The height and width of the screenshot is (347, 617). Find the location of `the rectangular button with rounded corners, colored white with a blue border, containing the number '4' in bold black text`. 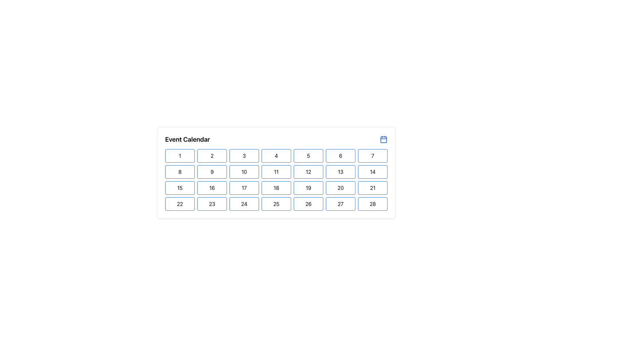

the rectangular button with rounded corners, colored white with a blue border, containing the number '4' in bold black text is located at coordinates (276, 156).